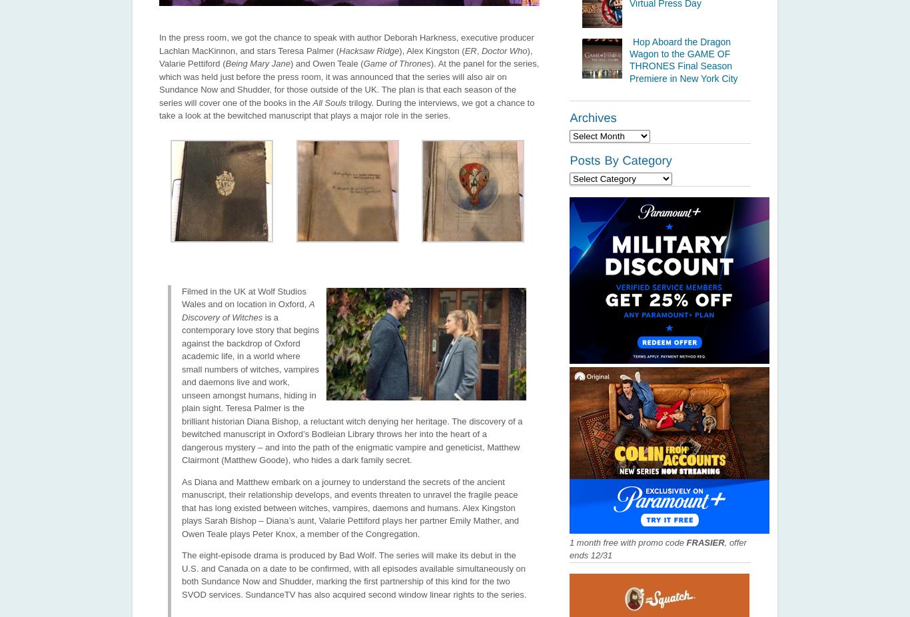 The image size is (910, 617). Describe the element at coordinates (478, 49) in the screenshot. I see `','` at that location.